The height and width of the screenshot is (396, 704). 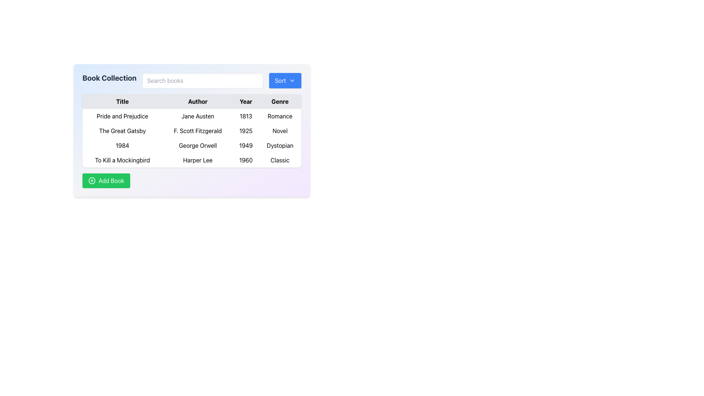 What do you see at coordinates (279, 131) in the screenshot?
I see `the Text Element that indicates the genre of the book 'The Great Gatsby', located in the 'Genre' column of the table, positioned to the right of the 'Year' column (1925)` at bounding box center [279, 131].